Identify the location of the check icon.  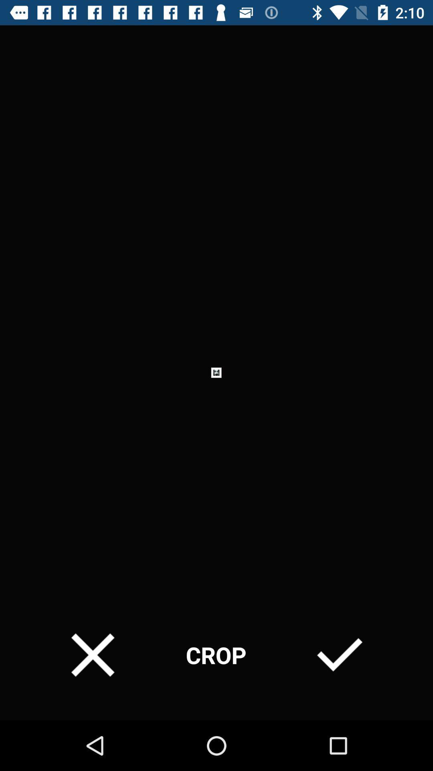
(340, 655).